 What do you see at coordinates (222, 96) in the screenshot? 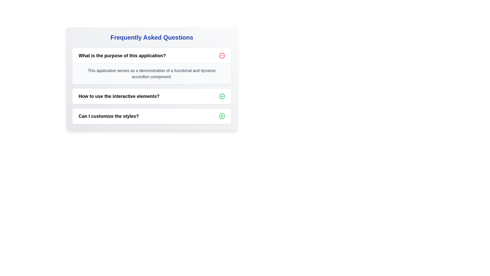
I see `the green circular SVG element representing a plus icon, located to the far right of the 'How to use the interactive elements?' question in the FAQ-style list` at bounding box center [222, 96].